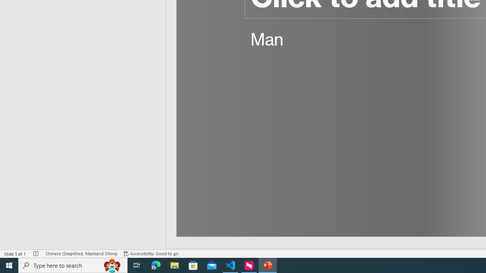 The width and height of the screenshot is (486, 273). Describe the element at coordinates (151, 254) in the screenshot. I see `'Accessibility Checker Accessibility: Good to go'` at that location.